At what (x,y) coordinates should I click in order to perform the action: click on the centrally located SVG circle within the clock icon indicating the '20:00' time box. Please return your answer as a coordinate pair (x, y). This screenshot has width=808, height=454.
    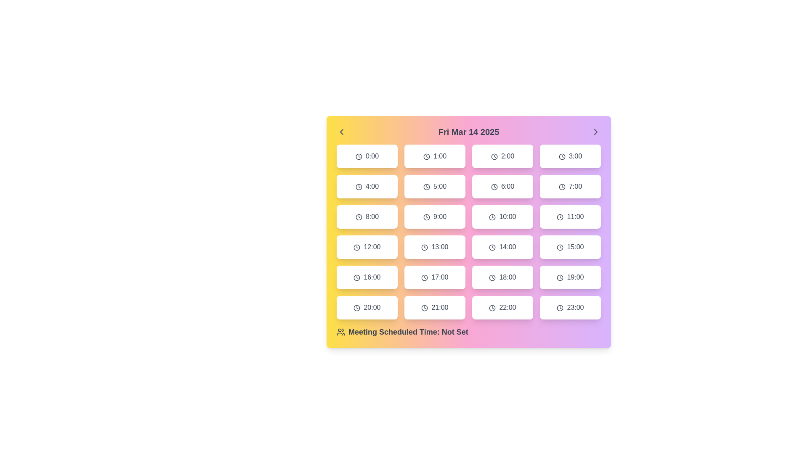
    Looking at the image, I should click on (357, 308).